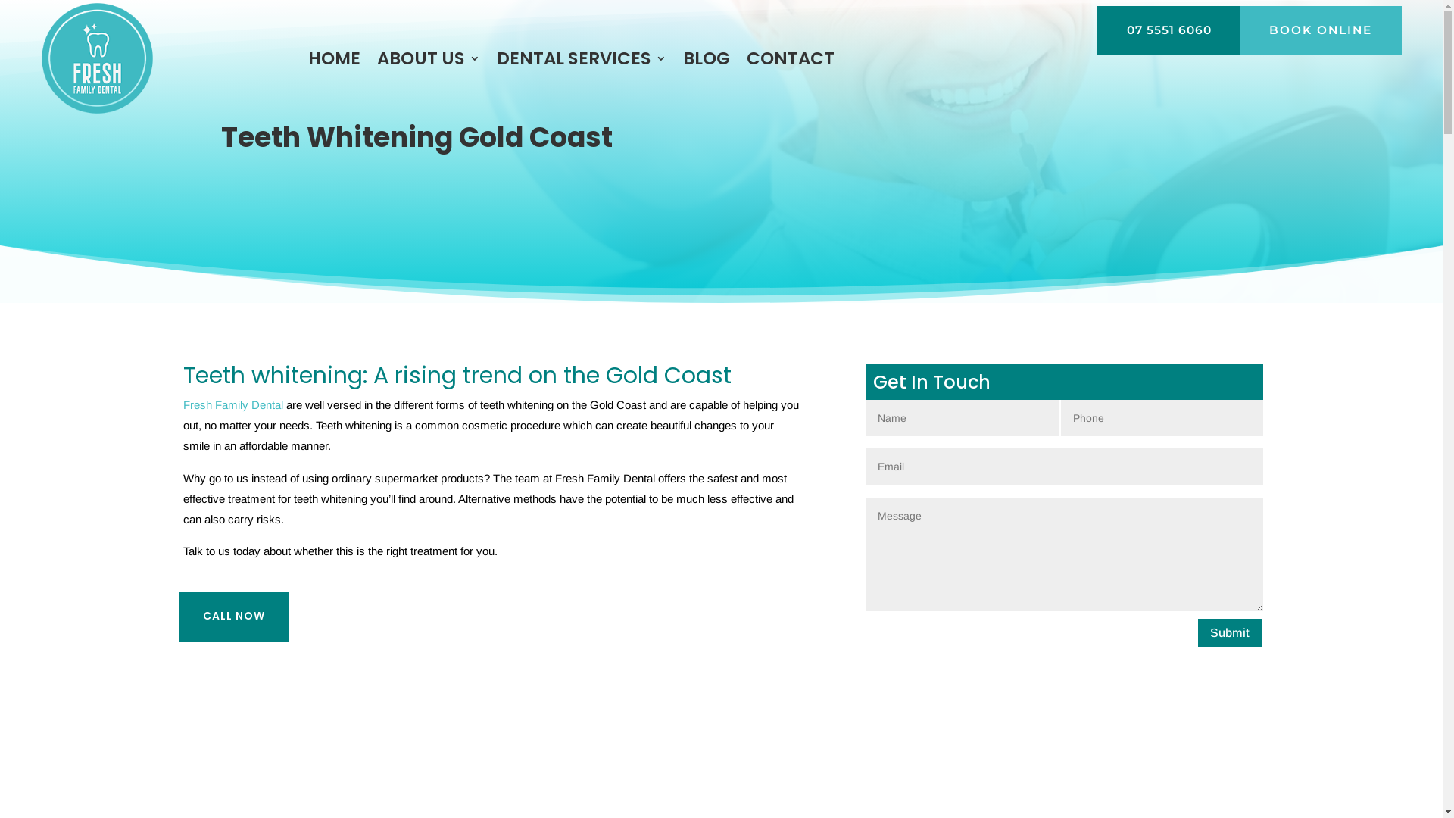  Describe the element at coordinates (232, 616) in the screenshot. I see `'CALL NOW'` at that location.